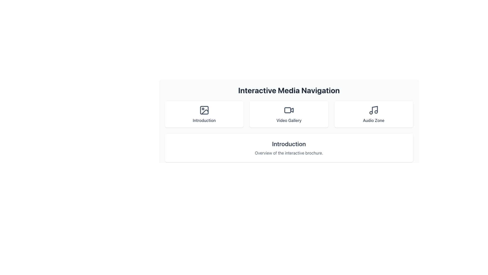  Describe the element at coordinates (289, 120) in the screenshot. I see `text label displaying 'Video Gallery', which is located at the center of the bottom of the central interaction card in the layout` at that location.